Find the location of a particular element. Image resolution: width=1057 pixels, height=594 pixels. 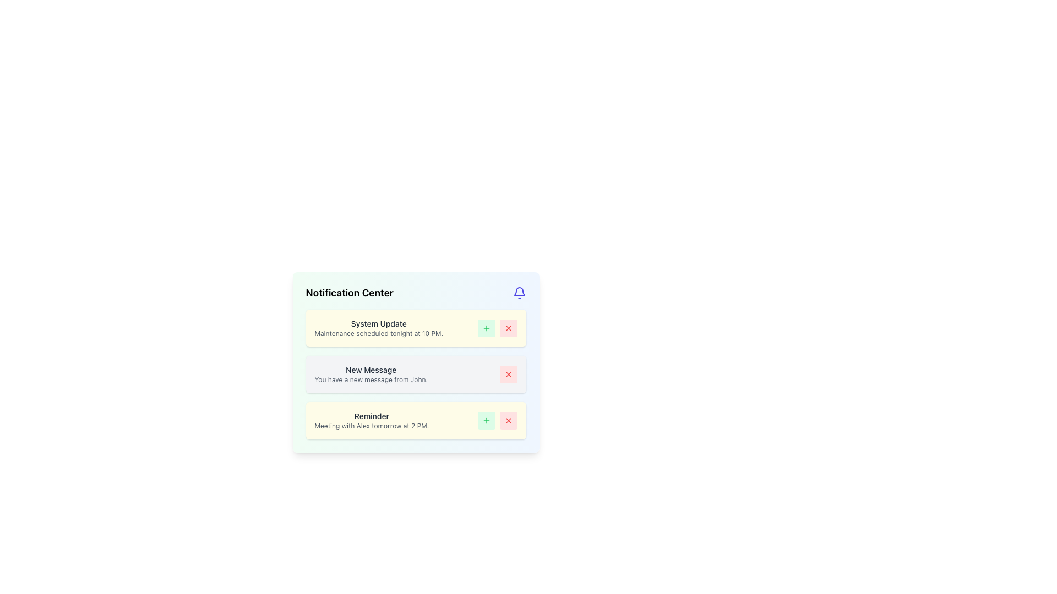

the information presented in the Section Header of the notification panel, which is labeled 'Notification Center' and located at the top of the panel is located at coordinates (415, 292).